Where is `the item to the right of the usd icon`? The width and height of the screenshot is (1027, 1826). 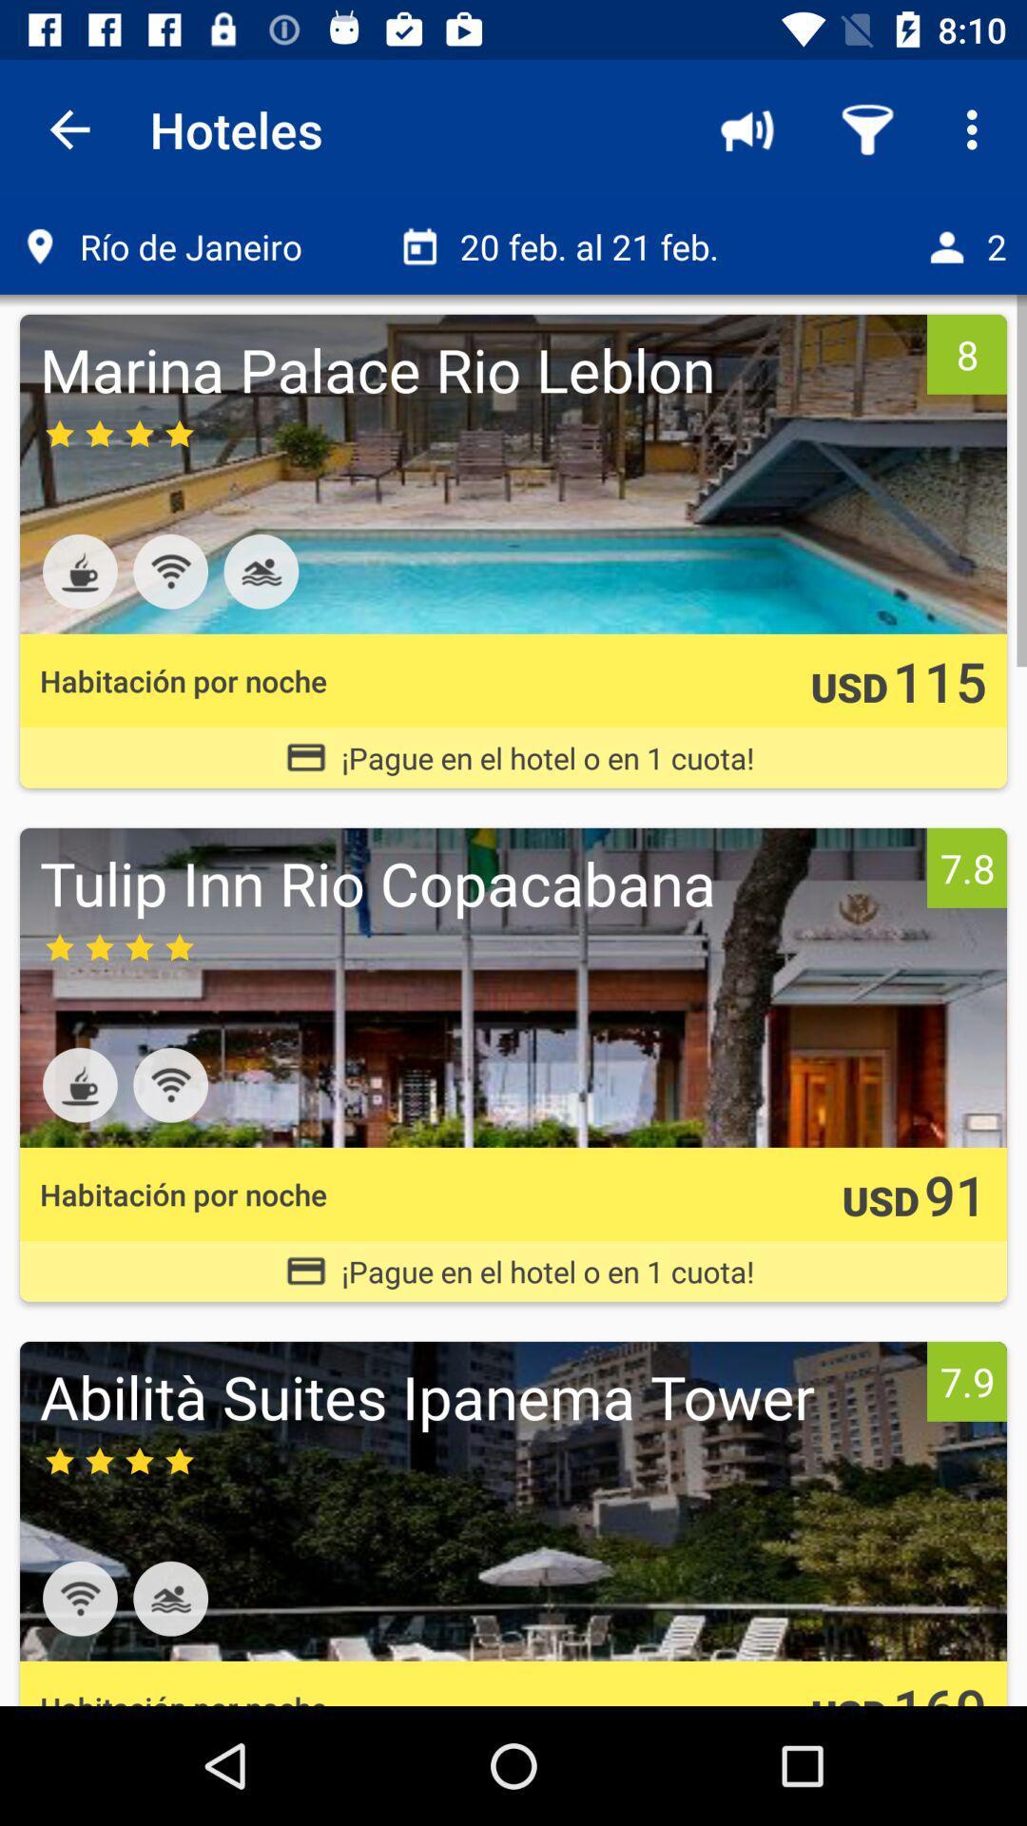
the item to the right of the usd icon is located at coordinates (939, 680).